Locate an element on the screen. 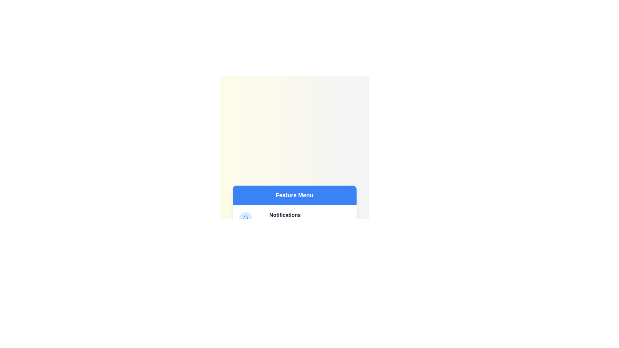  the menu option labeled Notifications is located at coordinates (285, 215).